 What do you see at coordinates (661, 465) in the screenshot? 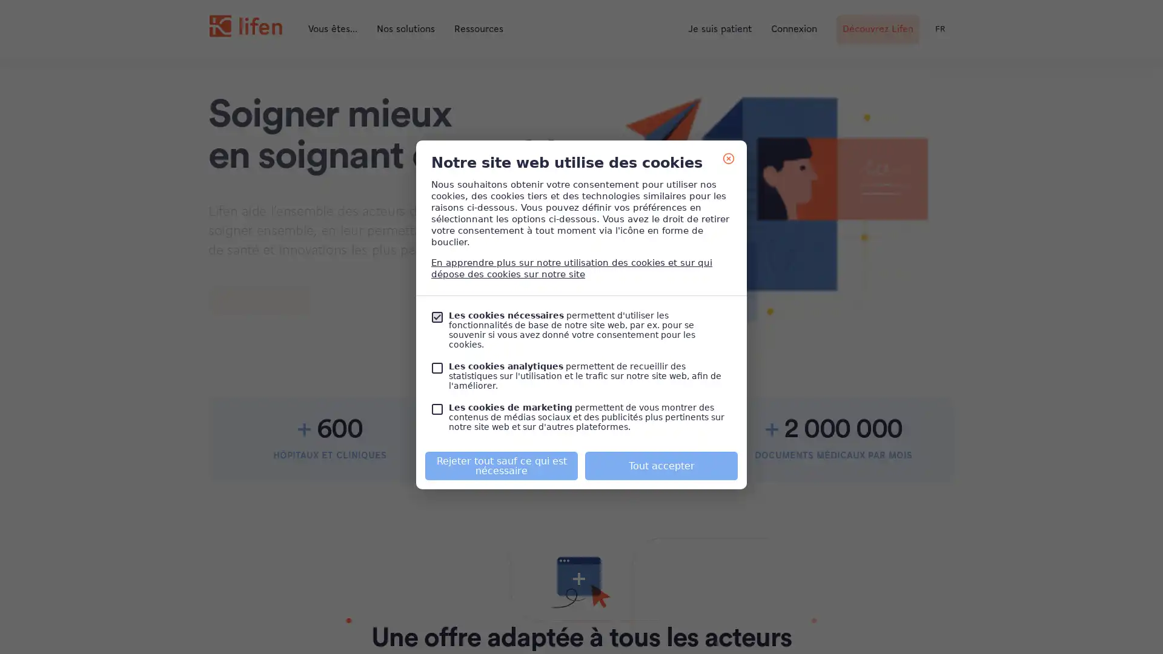
I see `Tout accepter` at bounding box center [661, 465].